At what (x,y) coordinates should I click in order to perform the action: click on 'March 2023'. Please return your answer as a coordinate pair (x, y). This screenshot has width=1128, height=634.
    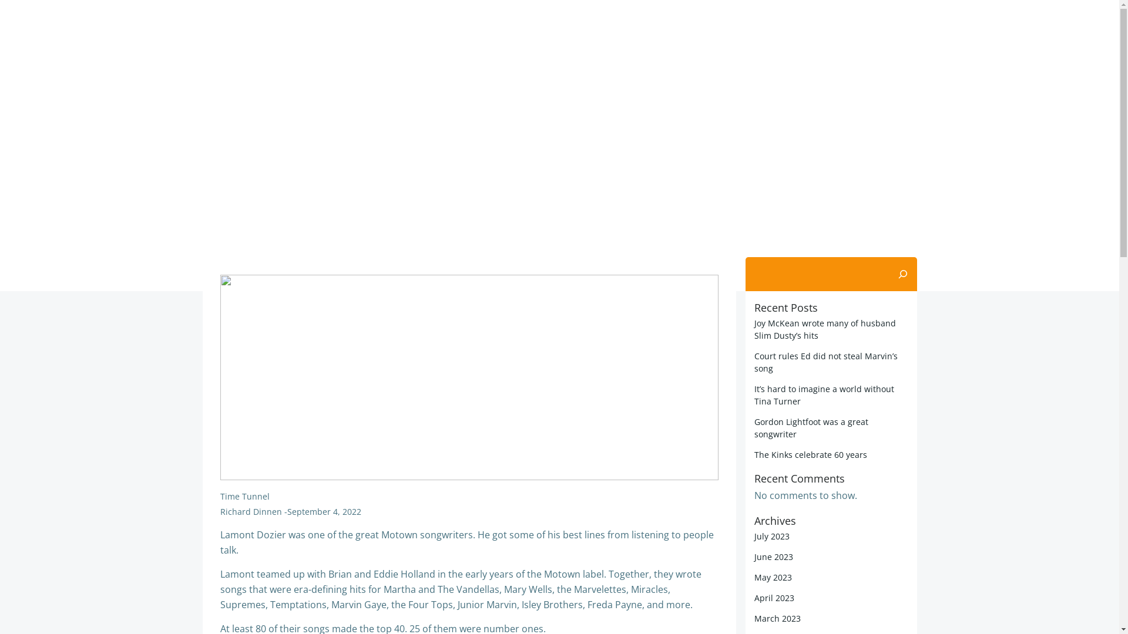
    Looking at the image, I should click on (777, 618).